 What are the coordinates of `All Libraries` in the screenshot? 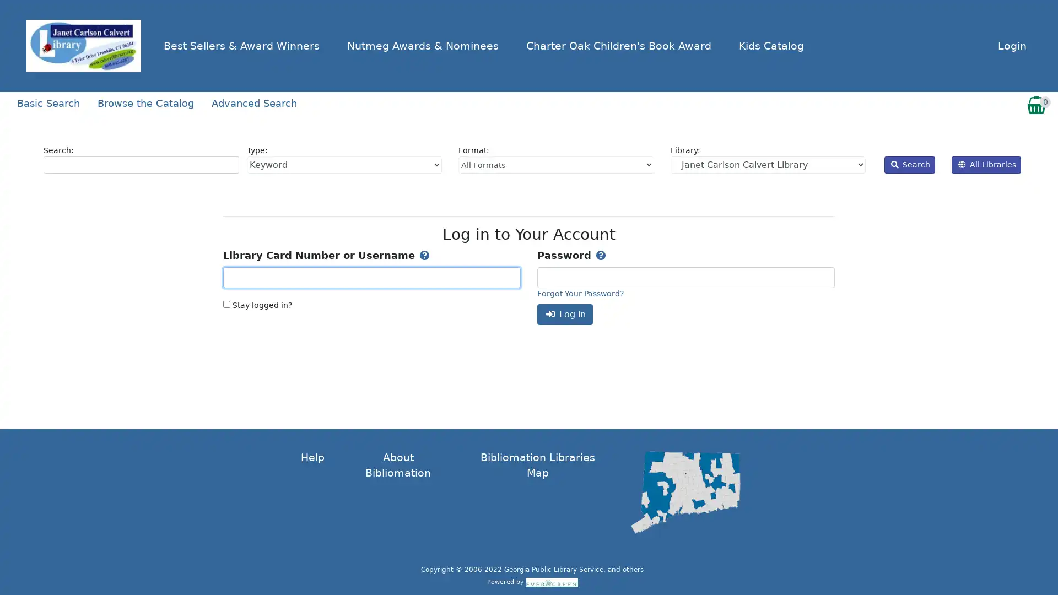 It's located at (986, 164).